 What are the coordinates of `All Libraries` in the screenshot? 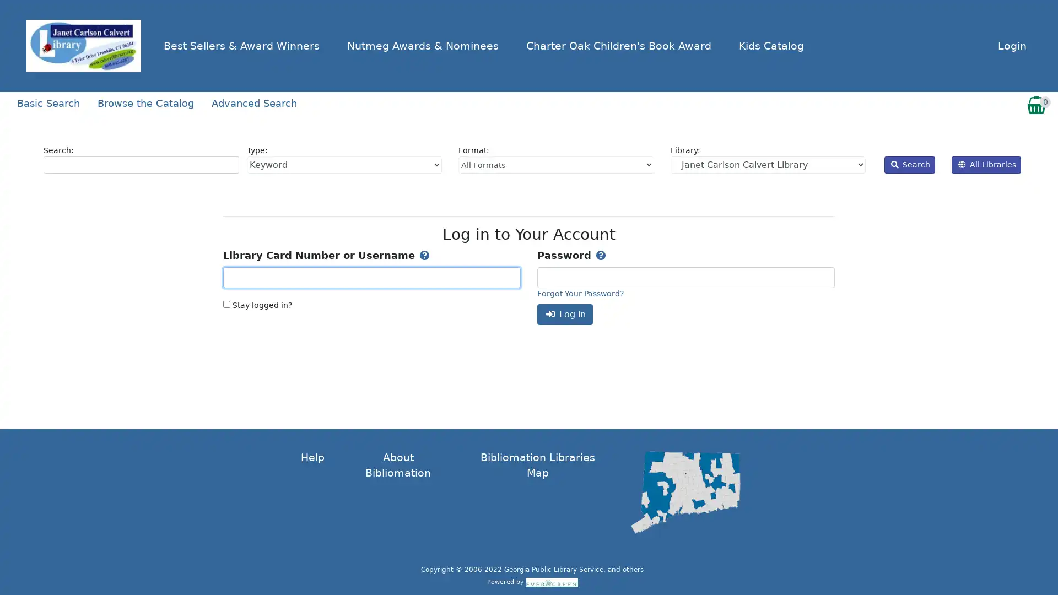 It's located at (986, 164).